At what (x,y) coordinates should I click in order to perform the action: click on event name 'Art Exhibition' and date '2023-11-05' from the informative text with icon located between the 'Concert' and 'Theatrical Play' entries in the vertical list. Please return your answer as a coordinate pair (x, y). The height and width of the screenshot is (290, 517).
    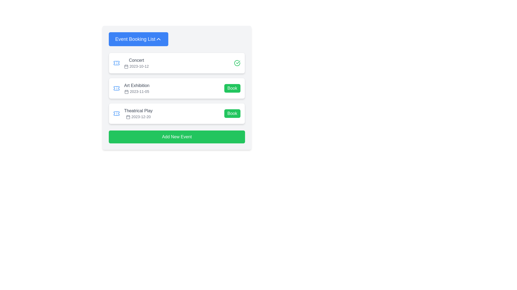
    Looking at the image, I should click on (131, 88).